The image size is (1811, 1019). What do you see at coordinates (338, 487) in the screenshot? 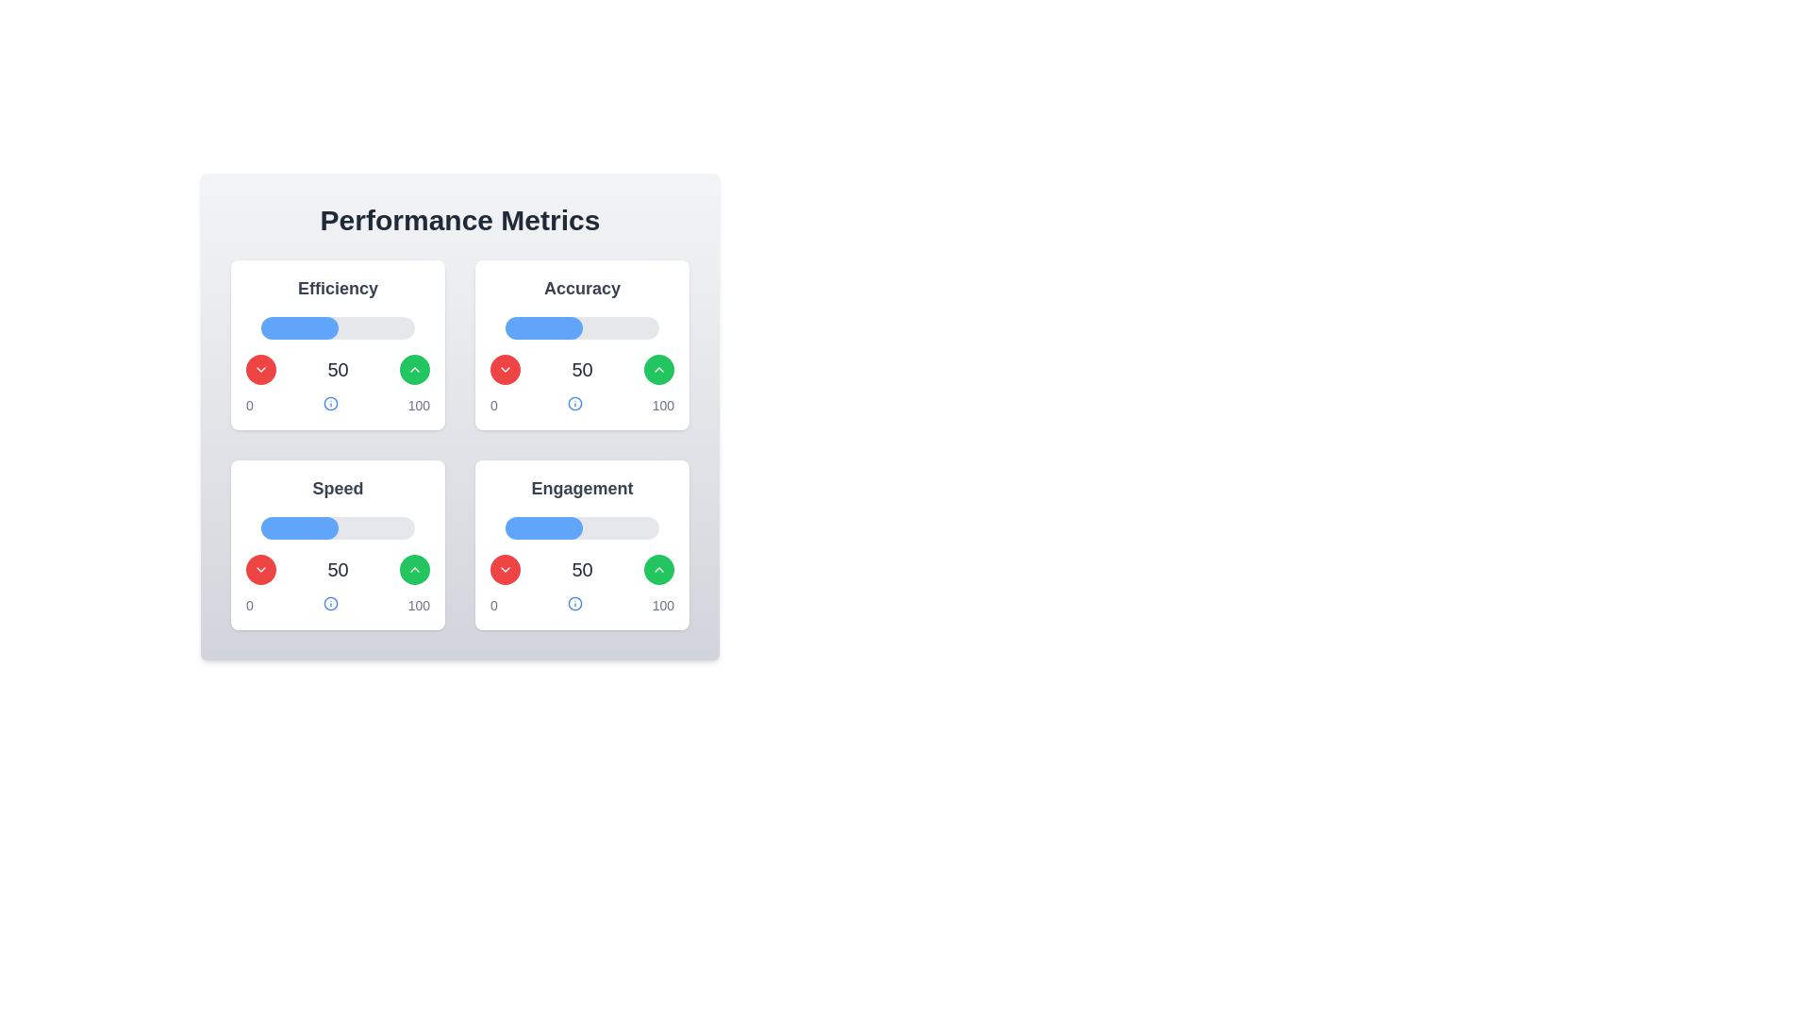
I see `the 'Speed' text label, which is styled in bold dark gray and is located in the third card of the second row under 'Performance Metrics', centered above a blue progress bar` at bounding box center [338, 487].